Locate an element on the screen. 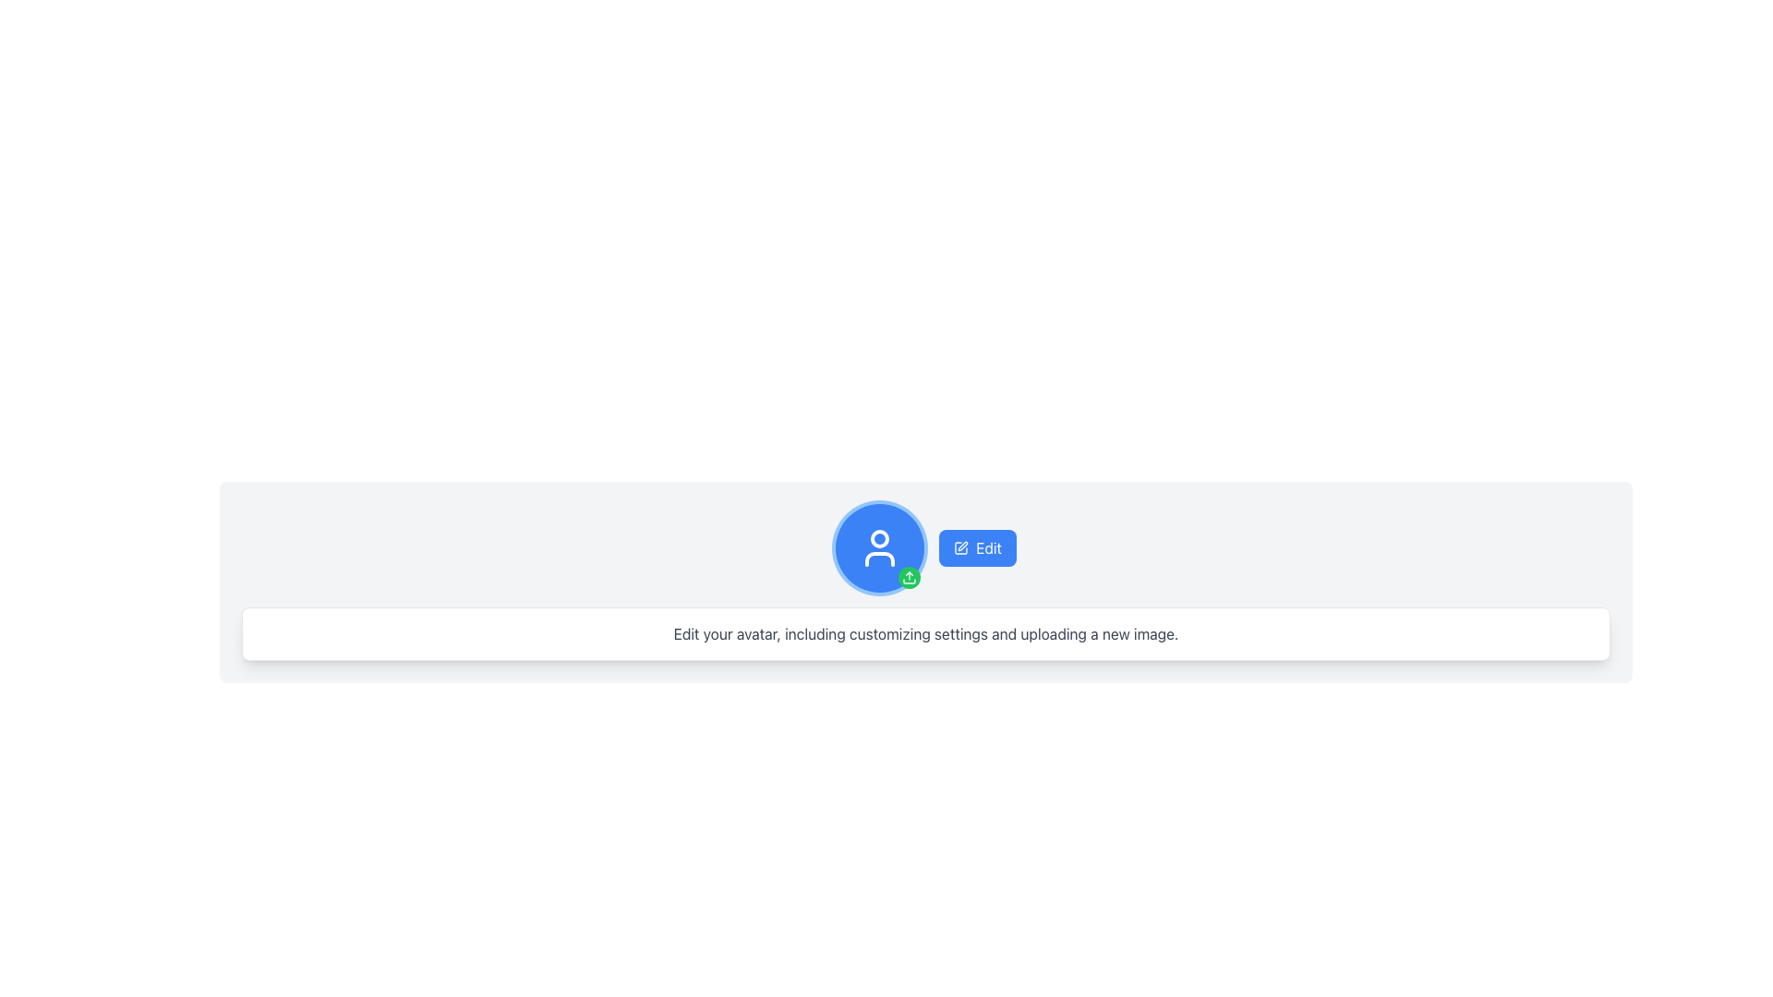 This screenshot has height=997, width=1773. the user icon, which is a white circular head with a semi-circular body on a blue circular background is located at coordinates (879, 547).